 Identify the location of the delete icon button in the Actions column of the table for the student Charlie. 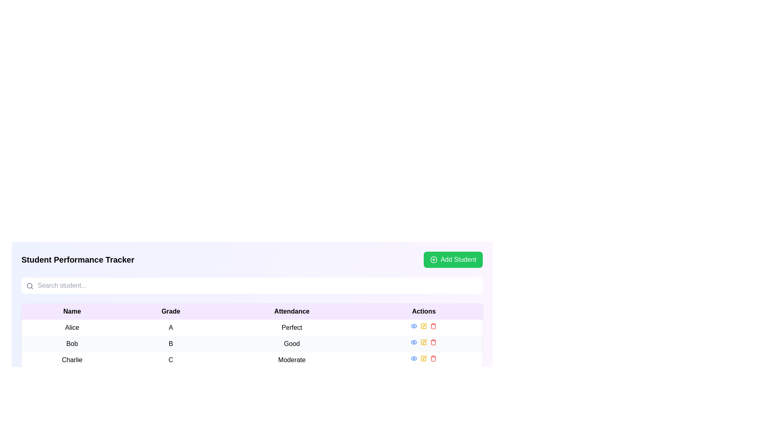
(433, 326).